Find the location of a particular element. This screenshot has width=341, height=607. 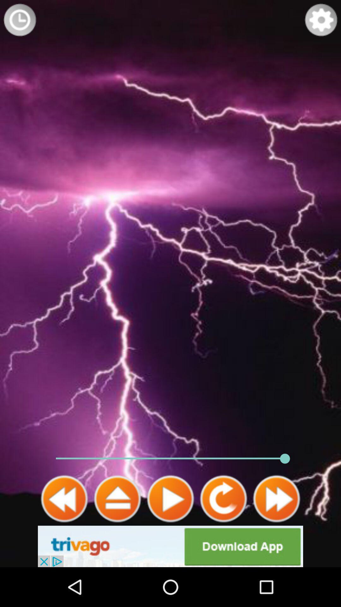

open the settings option is located at coordinates (321, 20).